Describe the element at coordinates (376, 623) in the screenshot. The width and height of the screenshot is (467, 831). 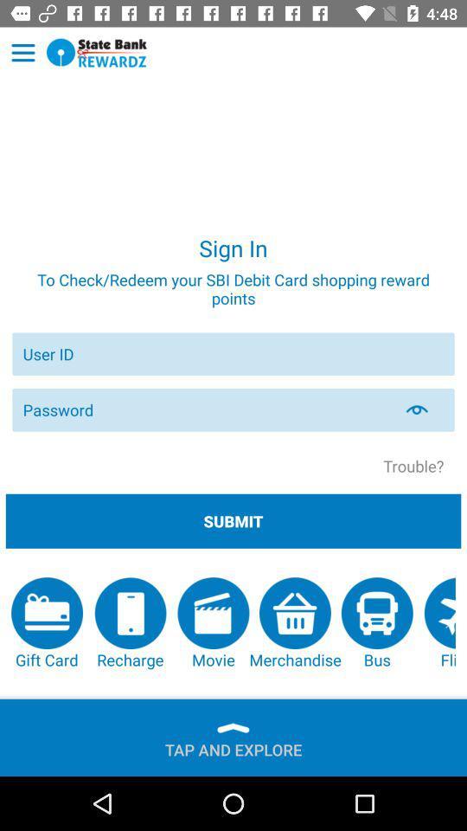
I see `app next to merchandise` at that location.